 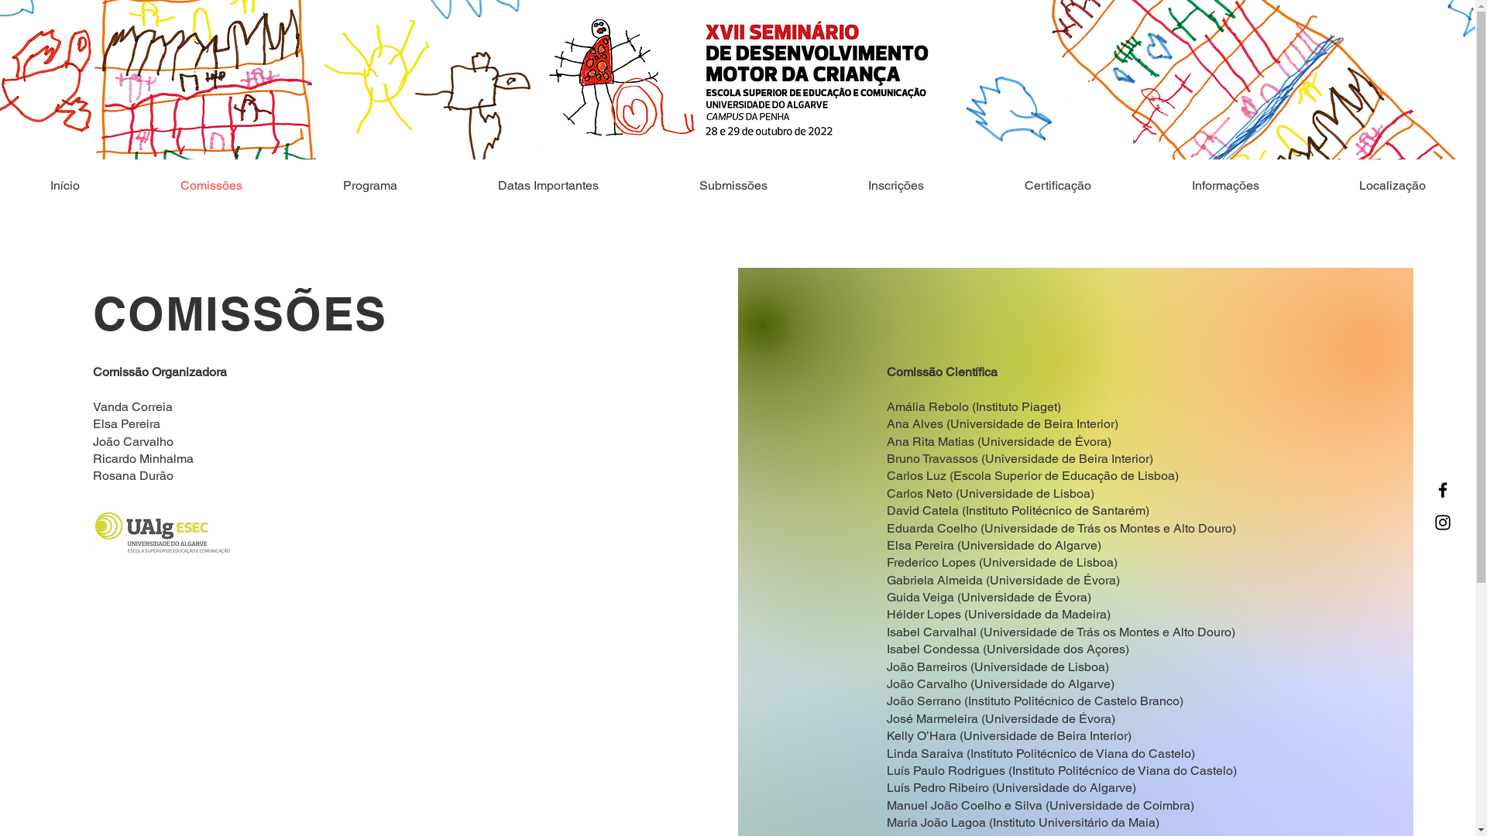 What do you see at coordinates (369, 184) in the screenshot?
I see `'Programa'` at bounding box center [369, 184].